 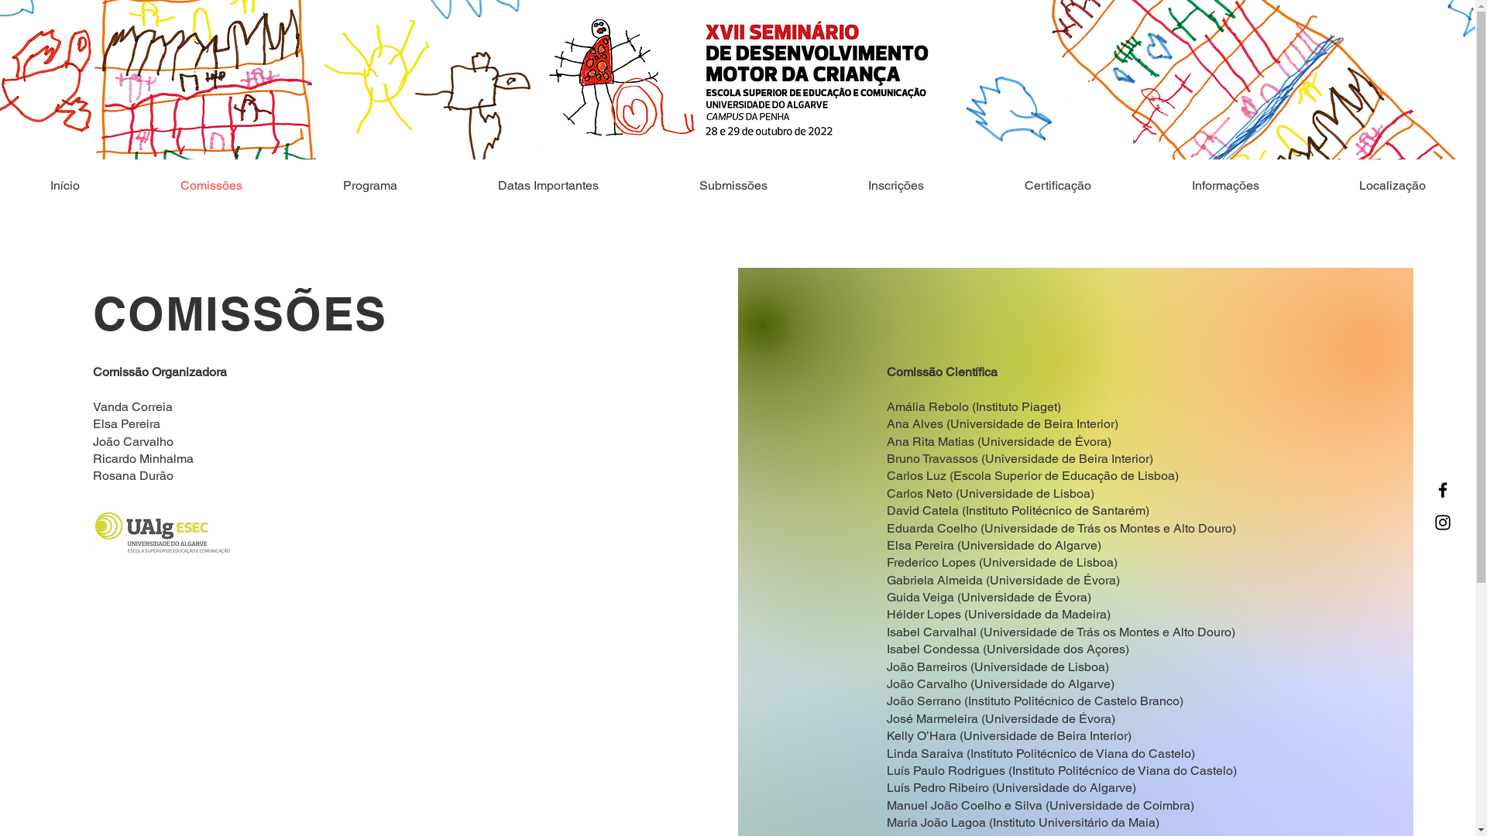 What do you see at coordinates (369, 184) in the screenshot?
I see `'Programa'` at bounding box center [369, 184].